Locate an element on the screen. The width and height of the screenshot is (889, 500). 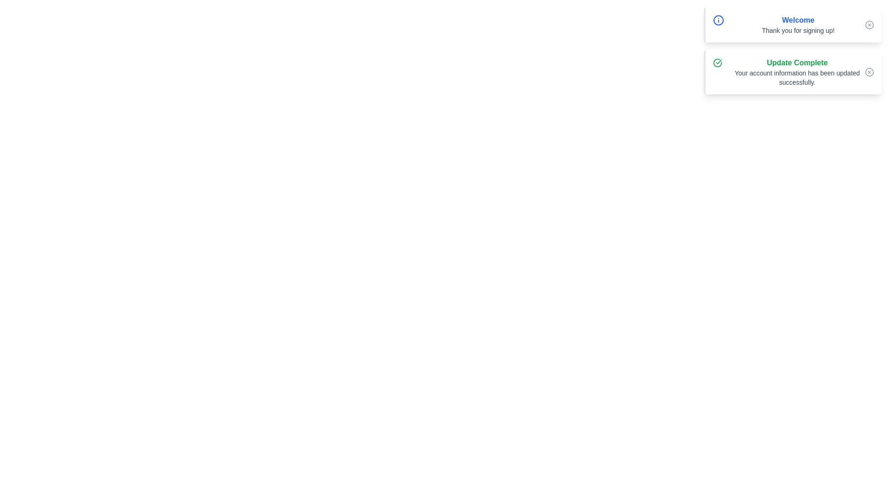
the bold, blue 'Welcome' static text element located near the top-right of the interface, positioned above the smaller gray text 'Thank you for signing up!' is located at coordinates (797, 20).